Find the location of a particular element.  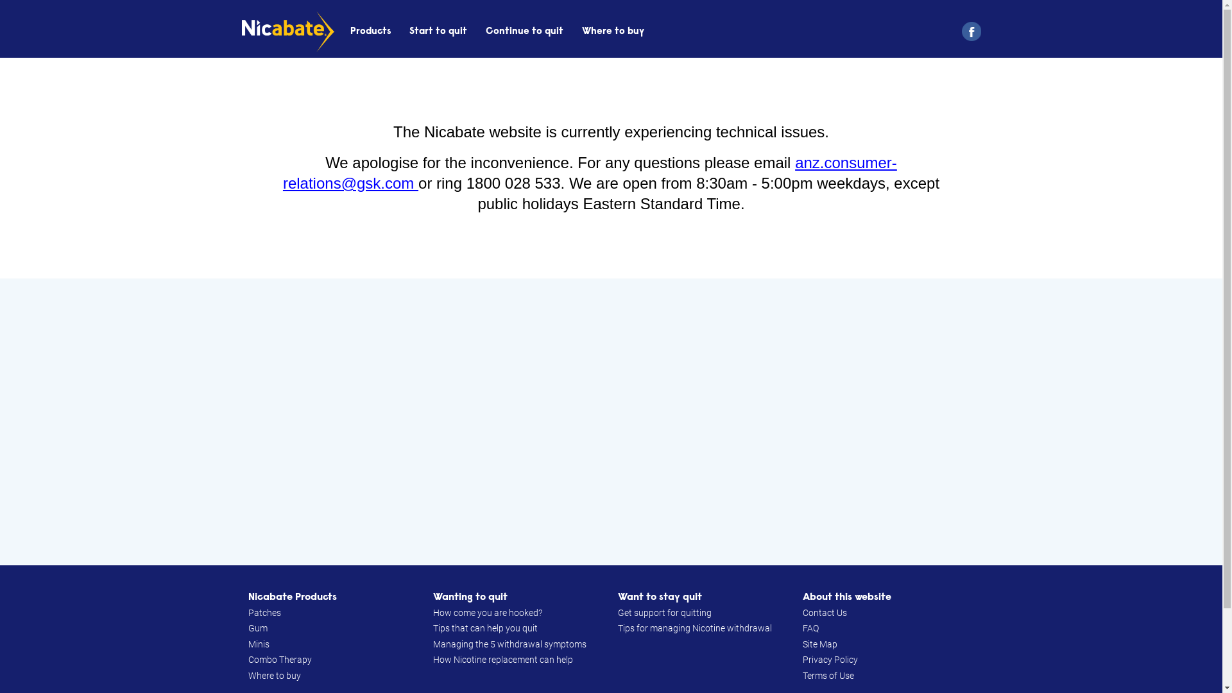

'Terms of Use' is located at coordinates (828, 675).